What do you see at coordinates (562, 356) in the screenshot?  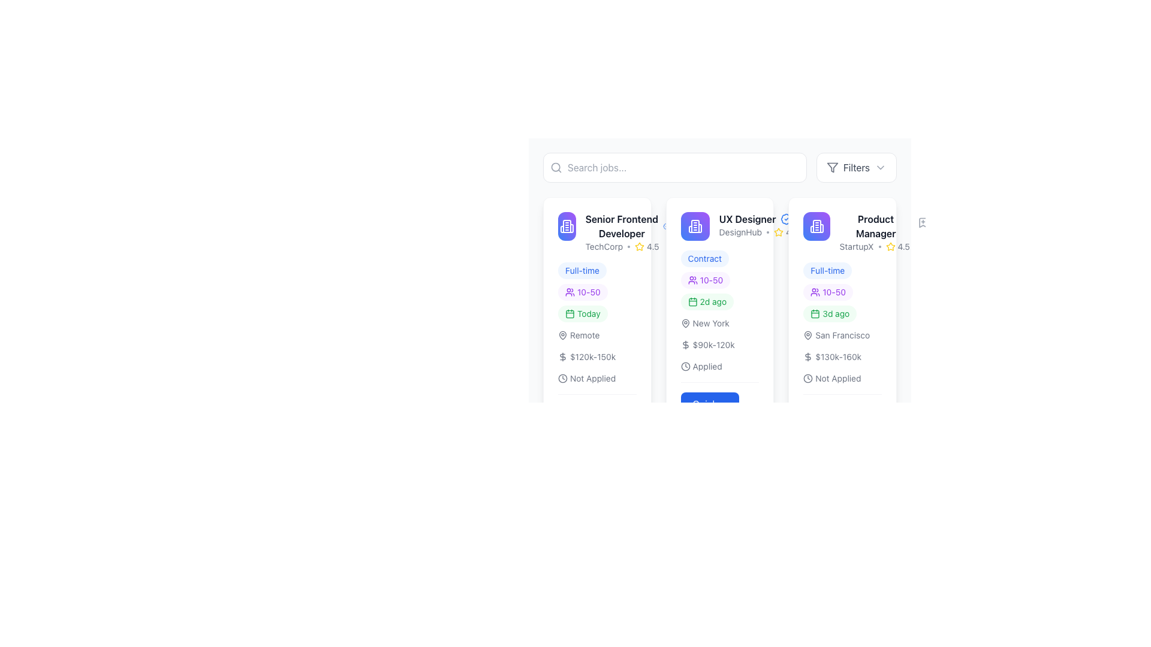 I see `the outlined dollar symbol icon located next to the salary range text '$120k-150k' in the bottom section of the job advertisement card` at bounding box center [562, 356].